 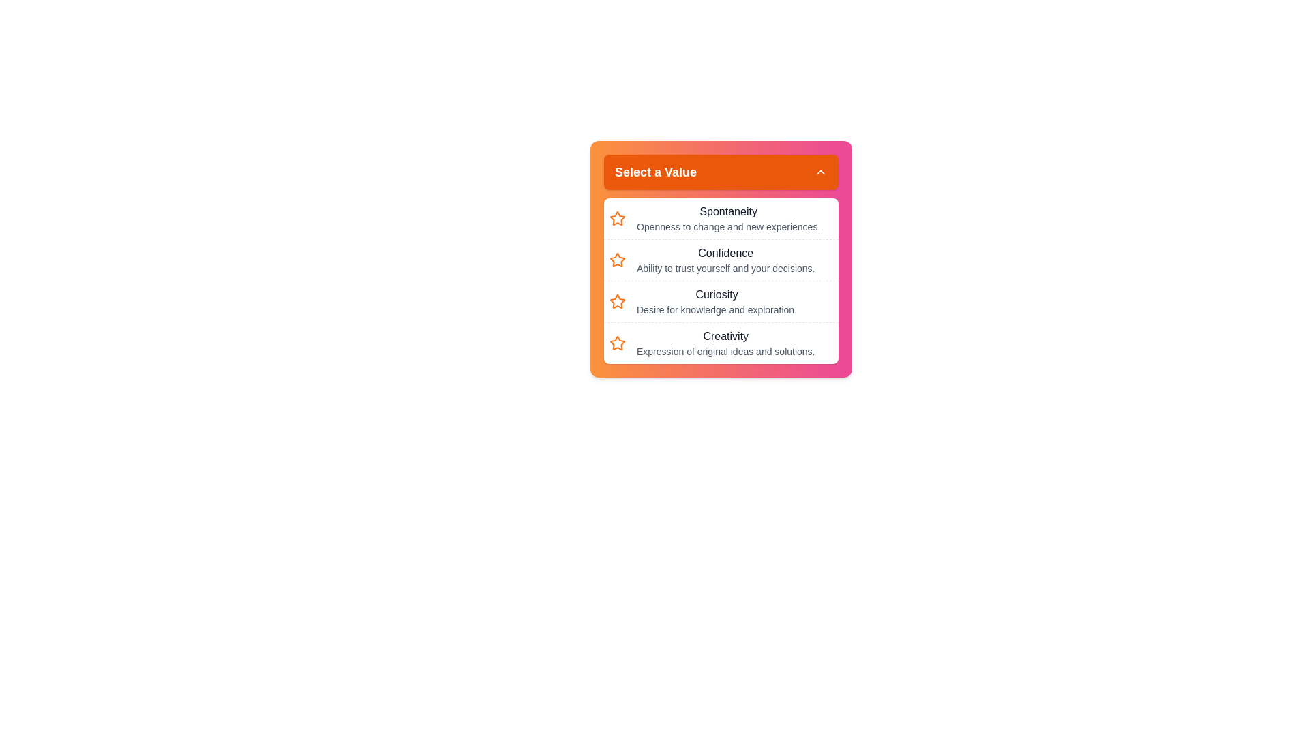 What do you see at coordinates (716, 310) in the screenshot?
I see `the static text label reading 'Desire for knowledge and exploration.' located under the bold title 'Curiosity' in the dropdown menu titled 'Select a Value'` at bounding box center [716, 310].